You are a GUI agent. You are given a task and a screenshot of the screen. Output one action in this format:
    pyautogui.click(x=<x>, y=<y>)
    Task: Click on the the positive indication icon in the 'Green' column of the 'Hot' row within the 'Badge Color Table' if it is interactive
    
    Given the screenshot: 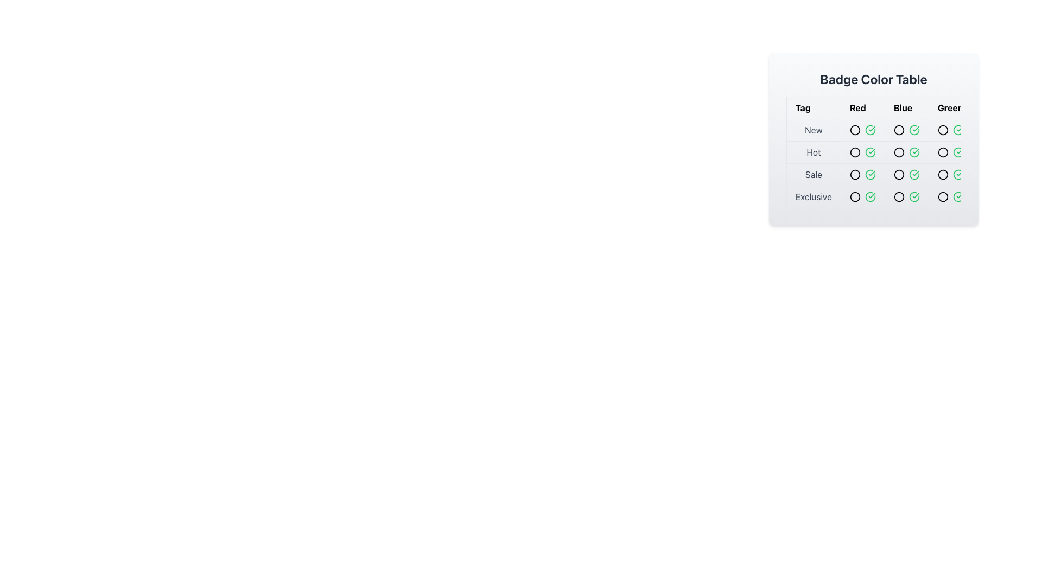 What is the action you would take?
    pyautogui.click(x=913, y=173)
    